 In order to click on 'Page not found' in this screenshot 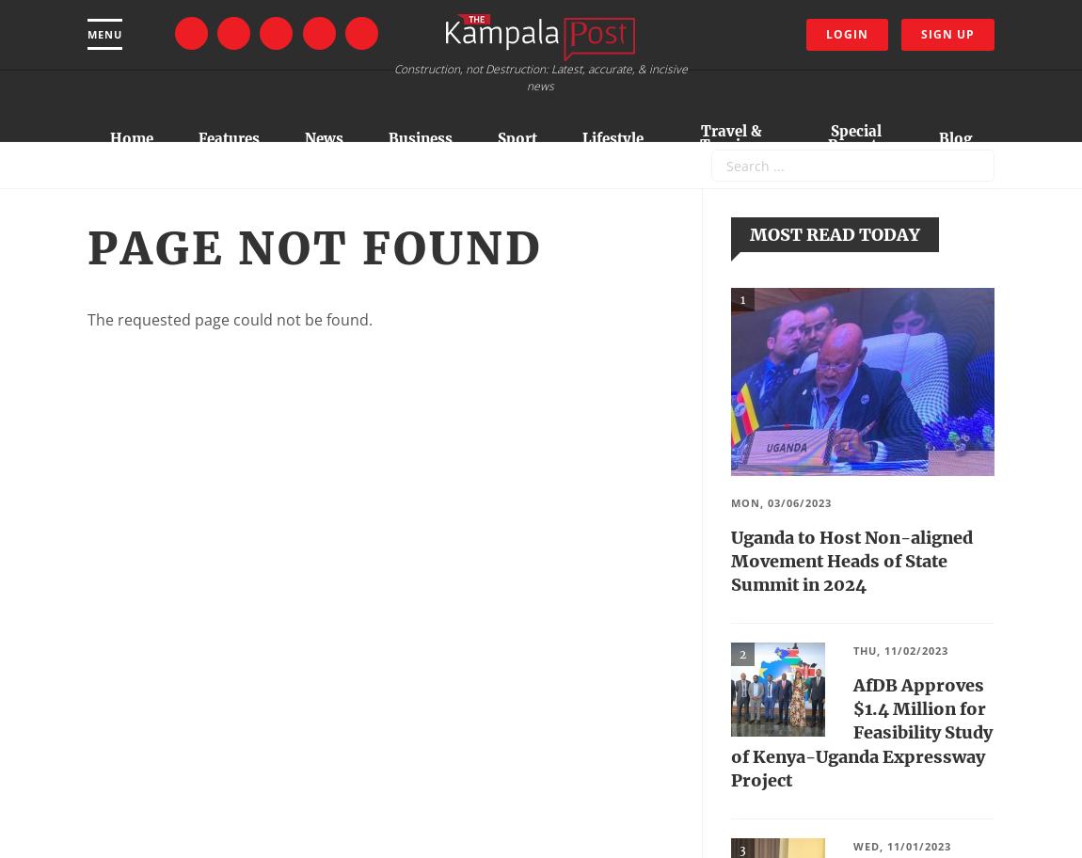, I will do `click(314, 248)`.